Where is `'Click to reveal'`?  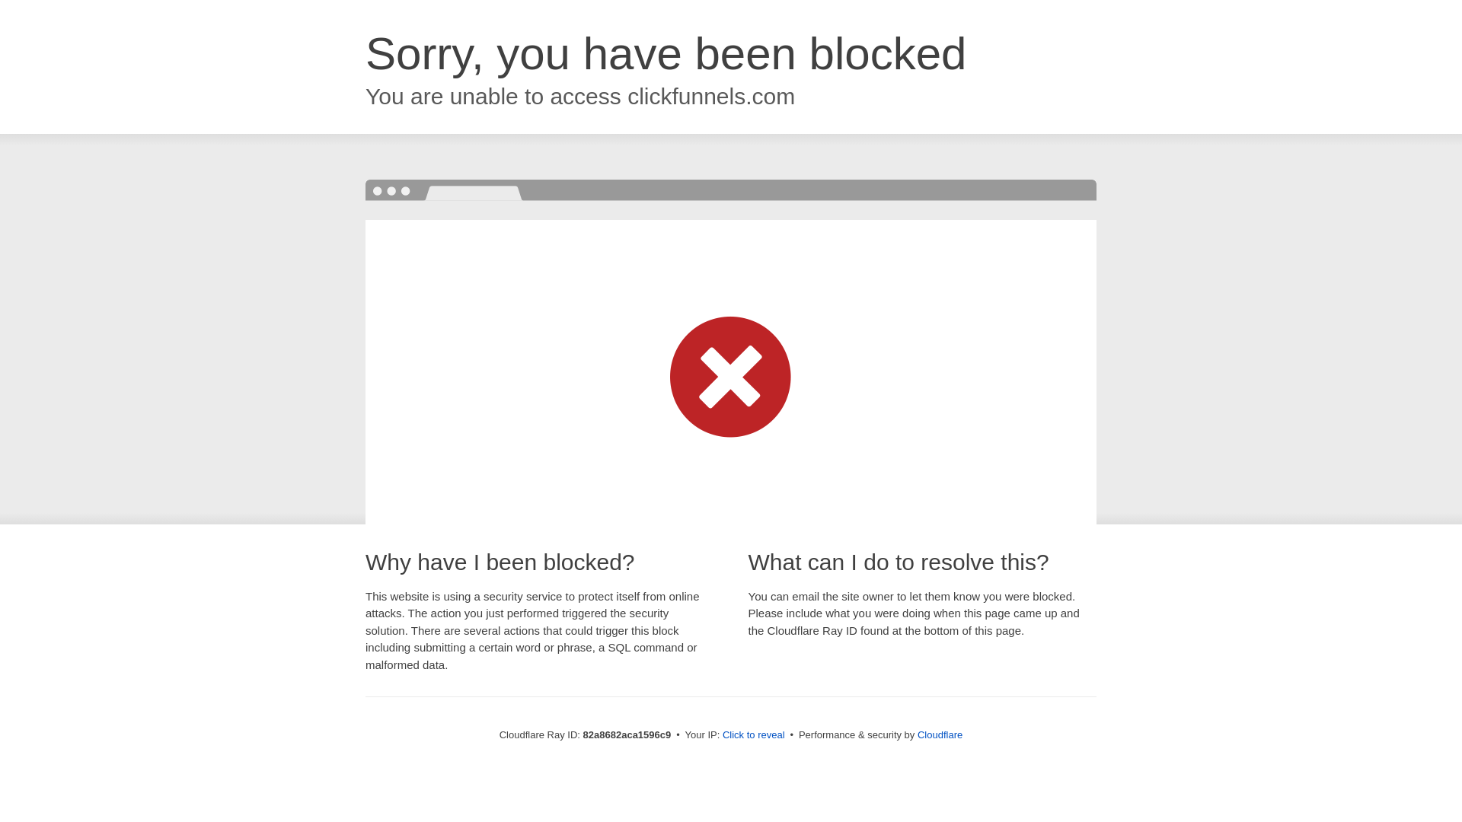
'Click to reveal' is located at coordinates (753, 734).